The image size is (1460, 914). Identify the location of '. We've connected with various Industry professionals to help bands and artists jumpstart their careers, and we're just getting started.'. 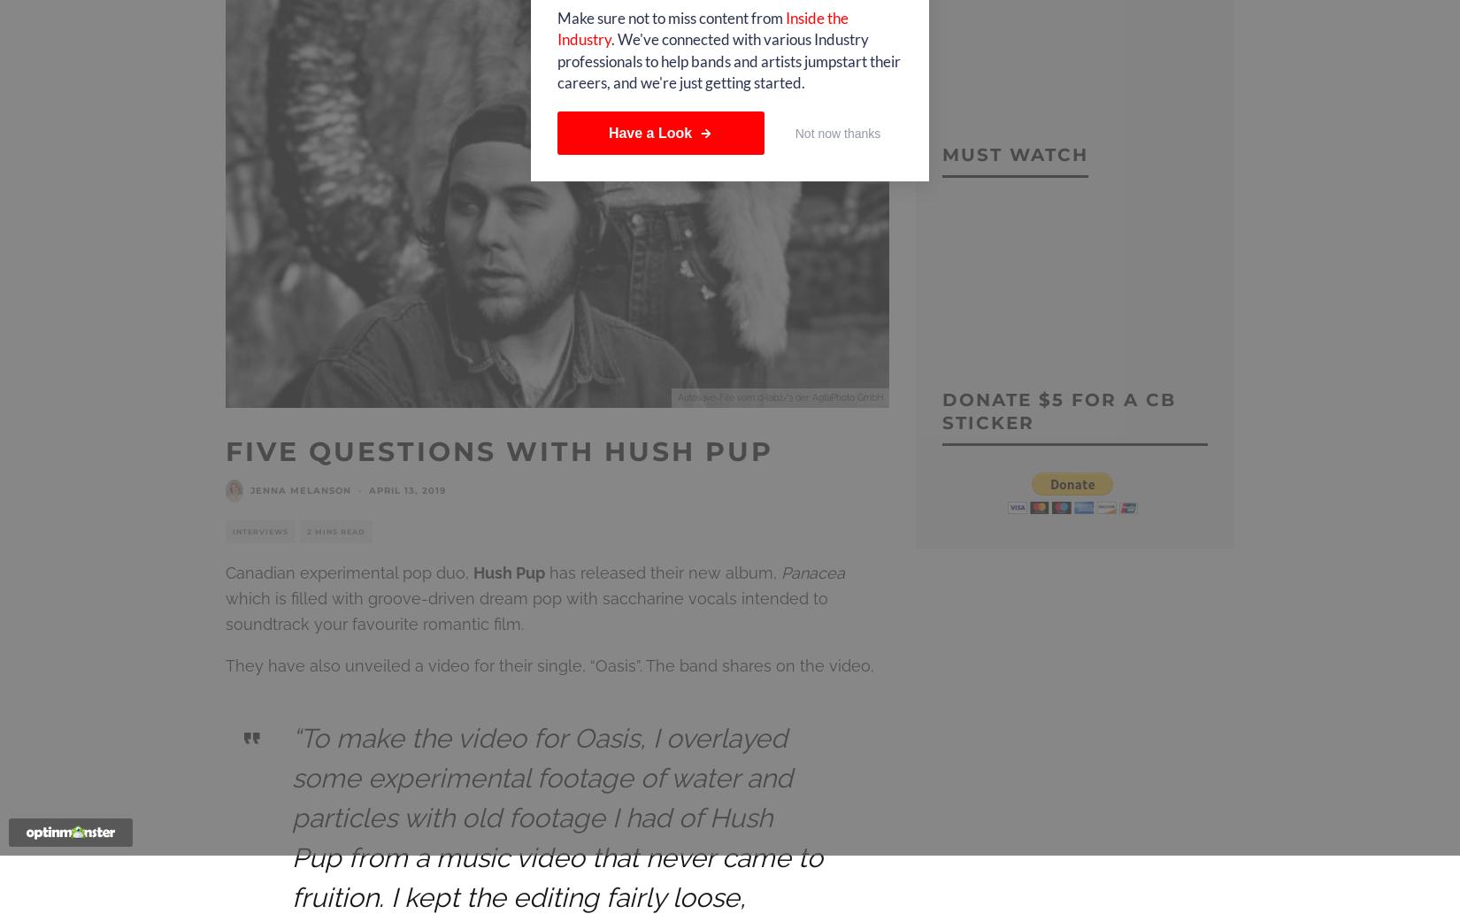
(556, 60).